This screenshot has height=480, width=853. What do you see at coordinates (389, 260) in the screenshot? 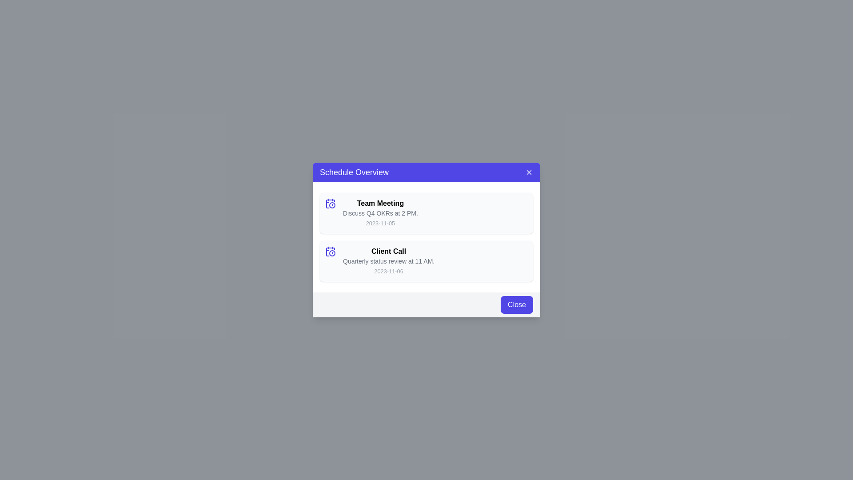
I see `event details from the composite text display element titled 'Client Call' located in the 'Schedule Overview' panel, which includes the heading, secondary text, and date` at bounding box center [389, 260].